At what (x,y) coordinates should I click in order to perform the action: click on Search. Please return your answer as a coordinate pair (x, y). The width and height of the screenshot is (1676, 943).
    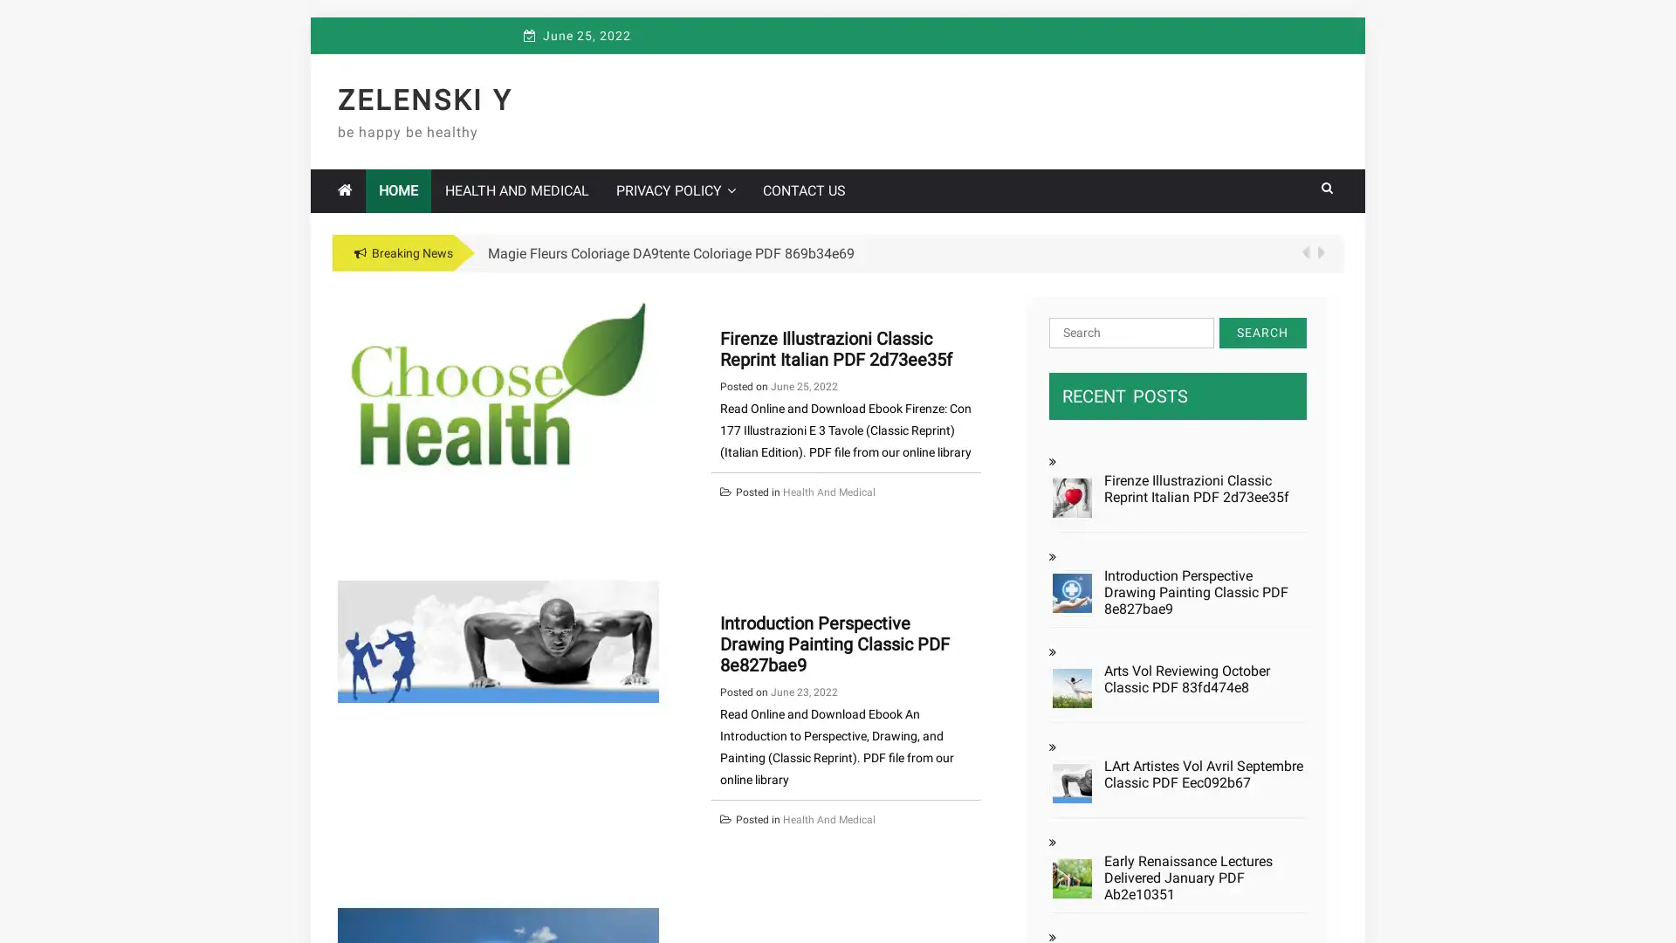
    Looking at the image, I should click on (1261, 332).